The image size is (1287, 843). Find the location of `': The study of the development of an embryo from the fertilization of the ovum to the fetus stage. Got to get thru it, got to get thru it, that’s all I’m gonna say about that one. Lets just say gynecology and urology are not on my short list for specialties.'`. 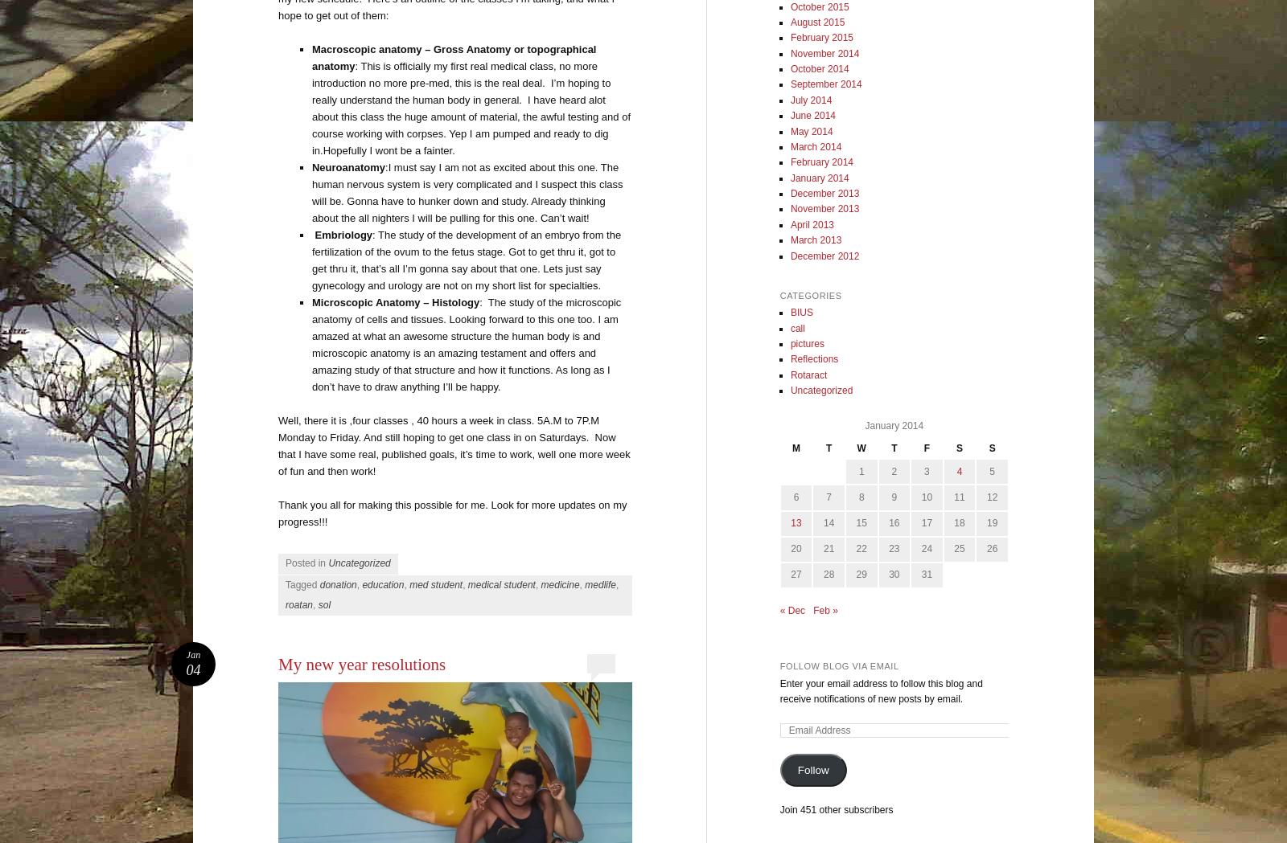

': The study of the development of an embryo from the fertilization of the ovum to the fetus stage. Got to get thru it, got to get thru it, that’s all I’m gonna say about that one. Lets just say gynecology and urology are not on my short list for specialties.' is located at coordinates (311, 260).